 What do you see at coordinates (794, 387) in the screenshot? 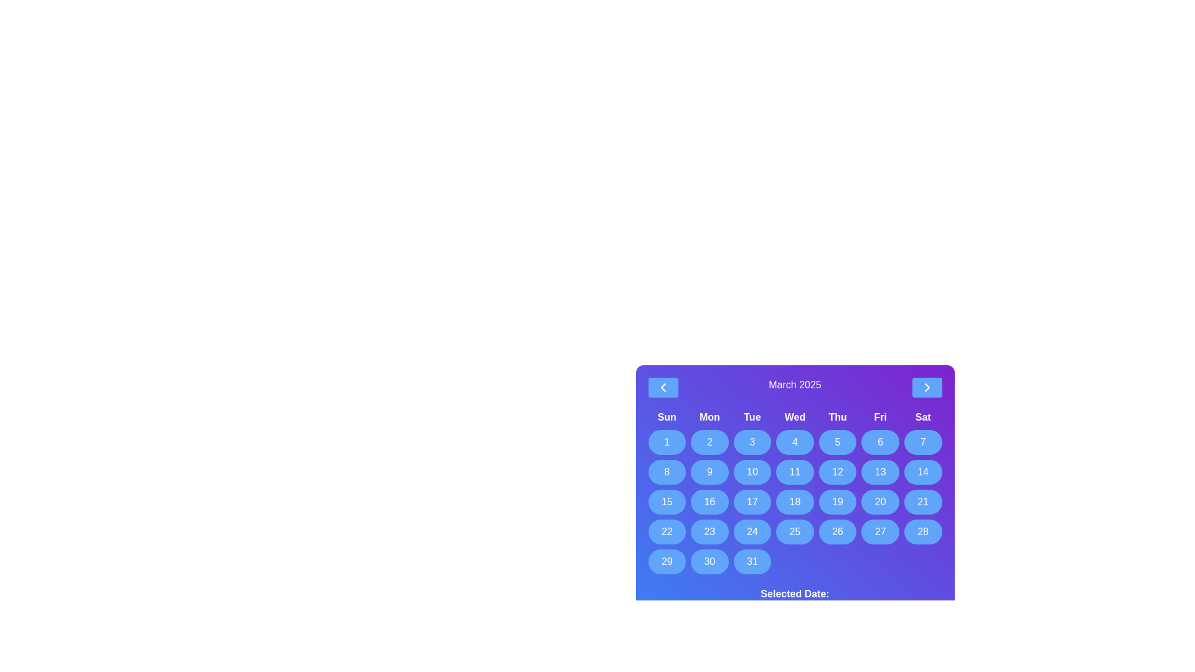
I see `the calendar title label that indicates the currently displayed month and year, centrally located at the top of the calendar component` at bounding box center [794, 387].